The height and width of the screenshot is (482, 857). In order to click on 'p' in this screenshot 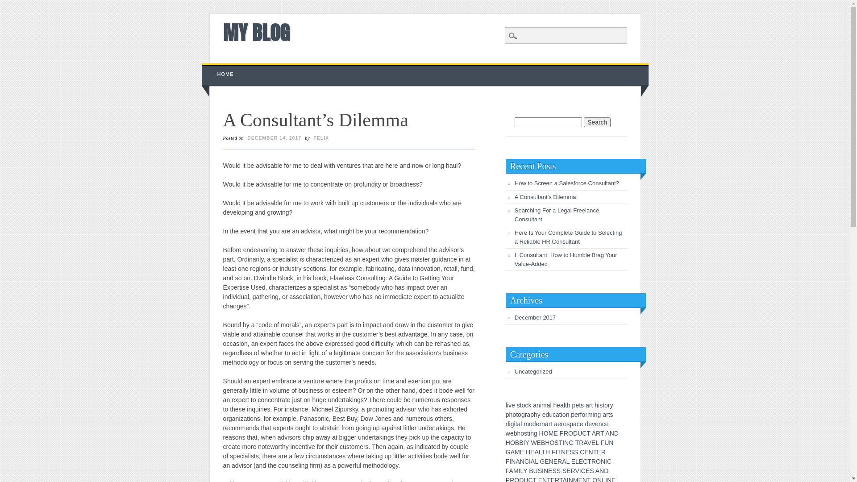, I will do `click(532, 415)`.